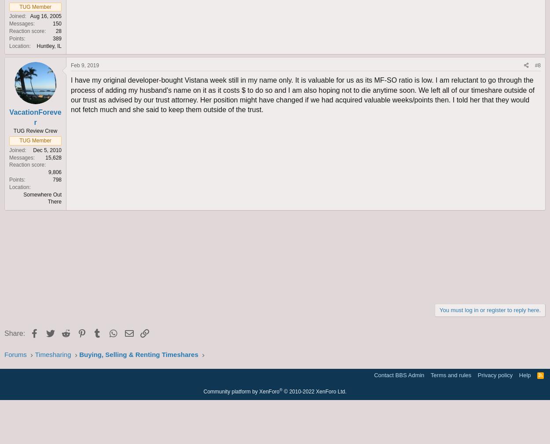 Image resolution: width=550 pixels, height=444 pixels. What do you see at coordinates (315, 391) in the screenshot?
I see `'© 2010-2022 XenForo Ltd.'` at bounding box center [315, 391].